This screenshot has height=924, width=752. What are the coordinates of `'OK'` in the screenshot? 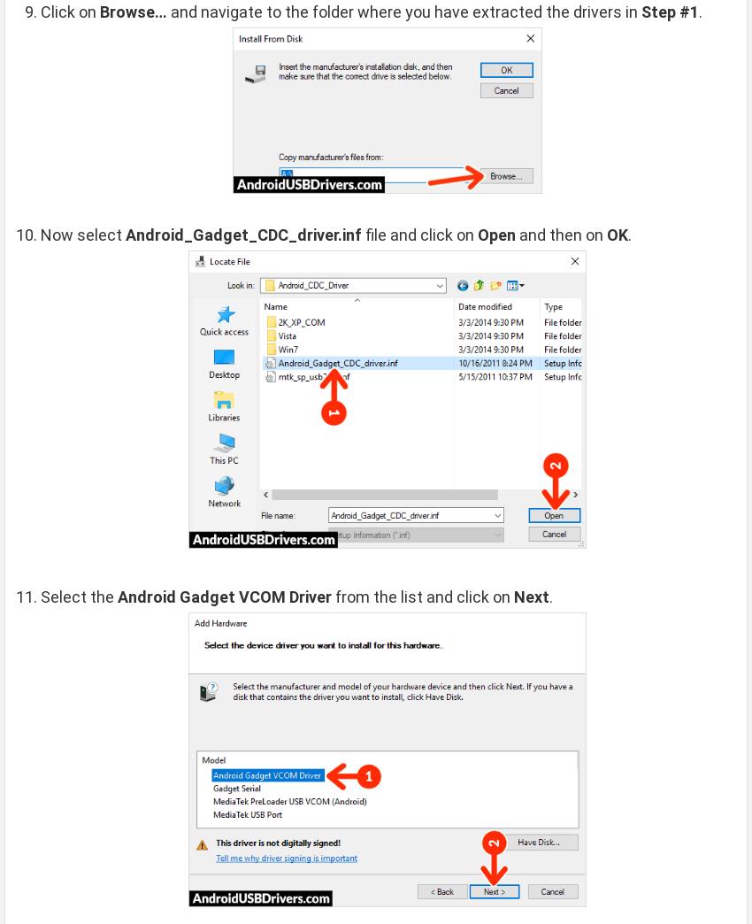 It's located at (617, 233).